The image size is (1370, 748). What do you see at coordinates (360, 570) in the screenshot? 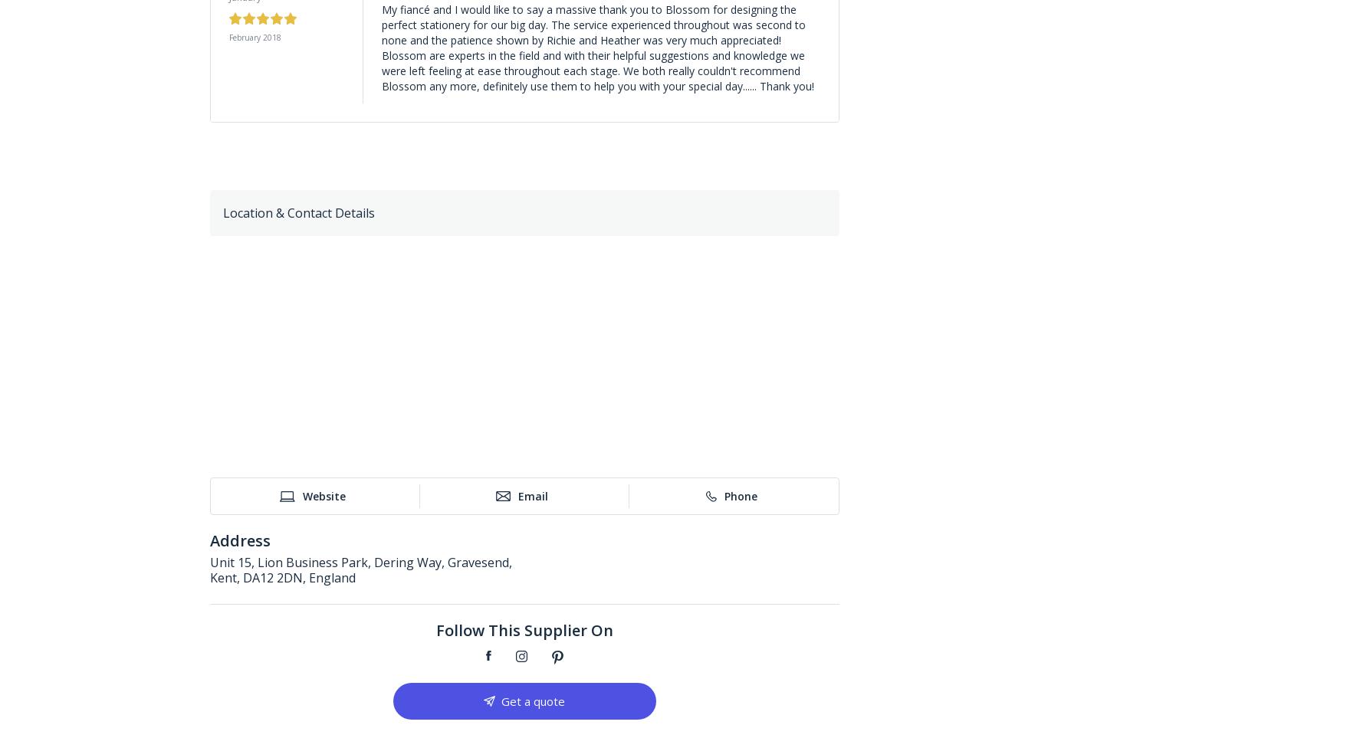
I see `'Unit 15, Lion Business Park, Dering Way, Gravesend, Kent, DA12 2DN, England'` at bounding box center [360, 570].